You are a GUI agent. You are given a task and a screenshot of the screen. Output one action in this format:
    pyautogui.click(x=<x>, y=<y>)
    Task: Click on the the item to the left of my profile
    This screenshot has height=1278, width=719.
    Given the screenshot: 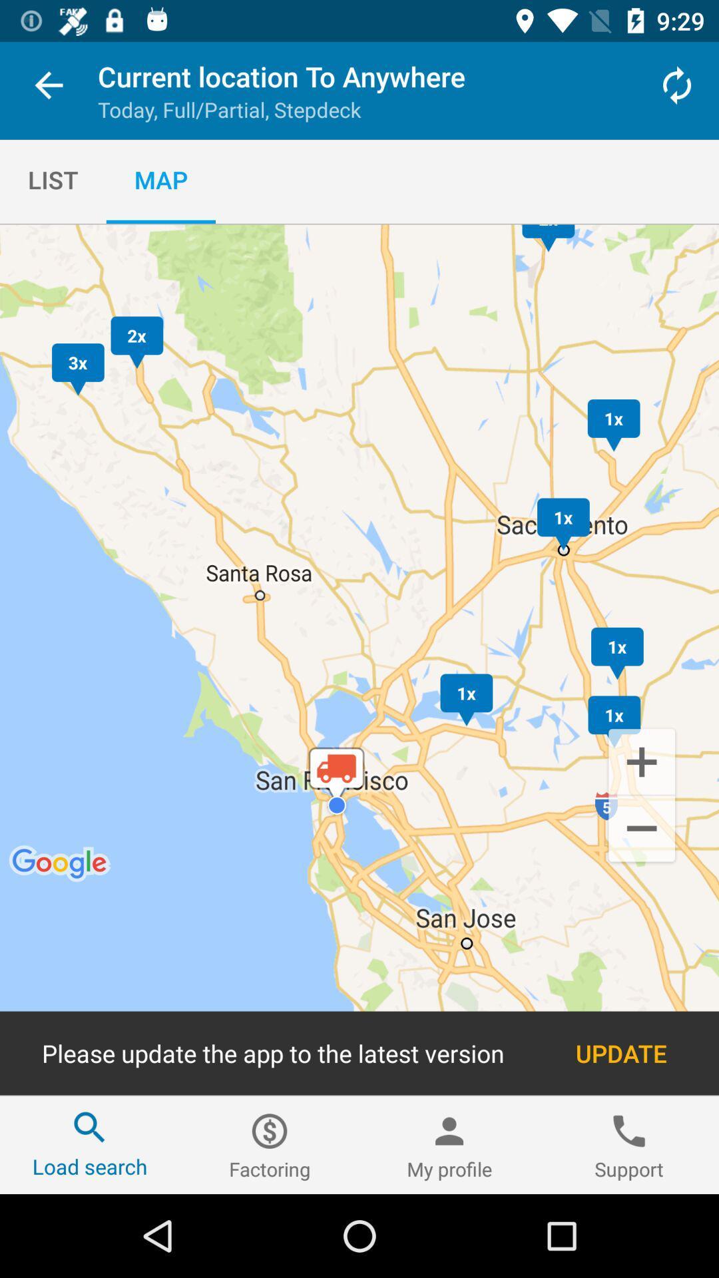 What is the action you would take?
    pyautogui.click(x=270, y=1144)
    